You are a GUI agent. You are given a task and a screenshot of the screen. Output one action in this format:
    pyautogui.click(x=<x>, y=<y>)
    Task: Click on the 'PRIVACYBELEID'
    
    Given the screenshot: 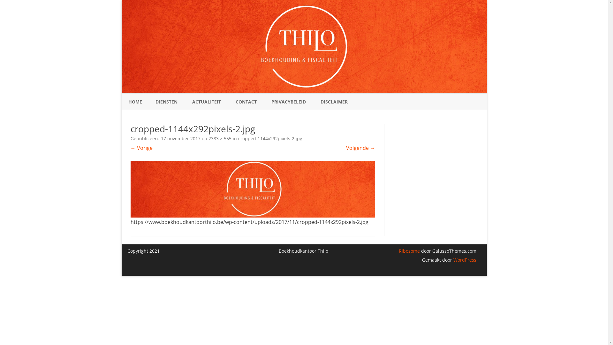 What is the action you would take?
    pyautogui.click(x=288, y=102)
    